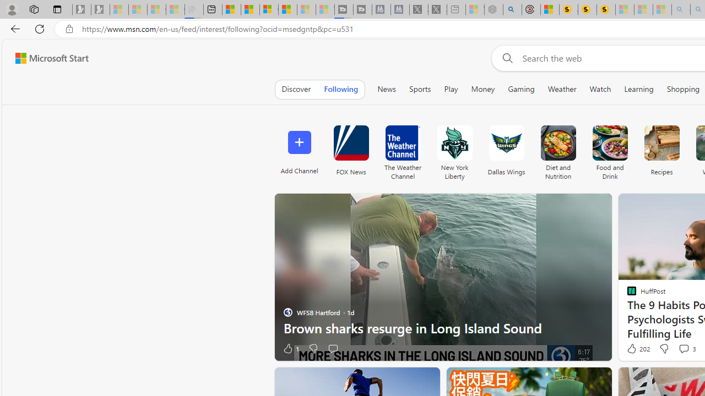 The image size is (705, 396). I want to click on 'View comments 3 Comment', so click(686, 348).